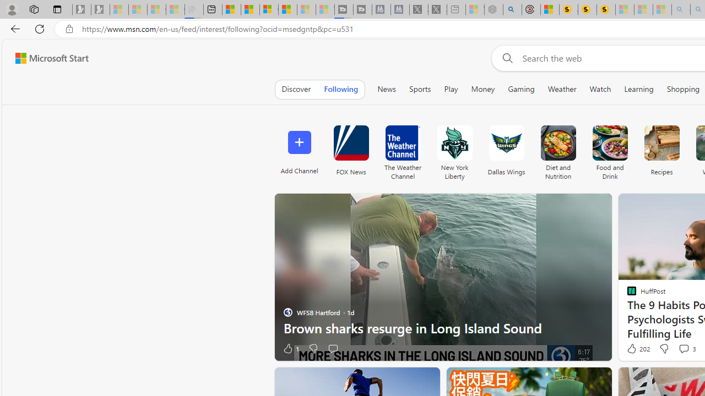 The image size is (705, 396). I want to click on 'View comments 3 Comment', so click(686, 348).